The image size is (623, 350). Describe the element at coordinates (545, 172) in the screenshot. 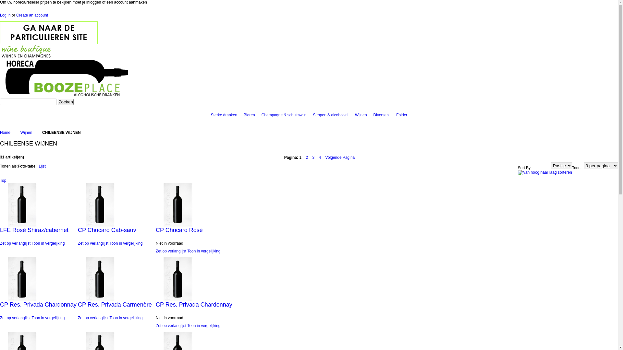

I see `'Van hoog naar laag sorteren'` at that location.